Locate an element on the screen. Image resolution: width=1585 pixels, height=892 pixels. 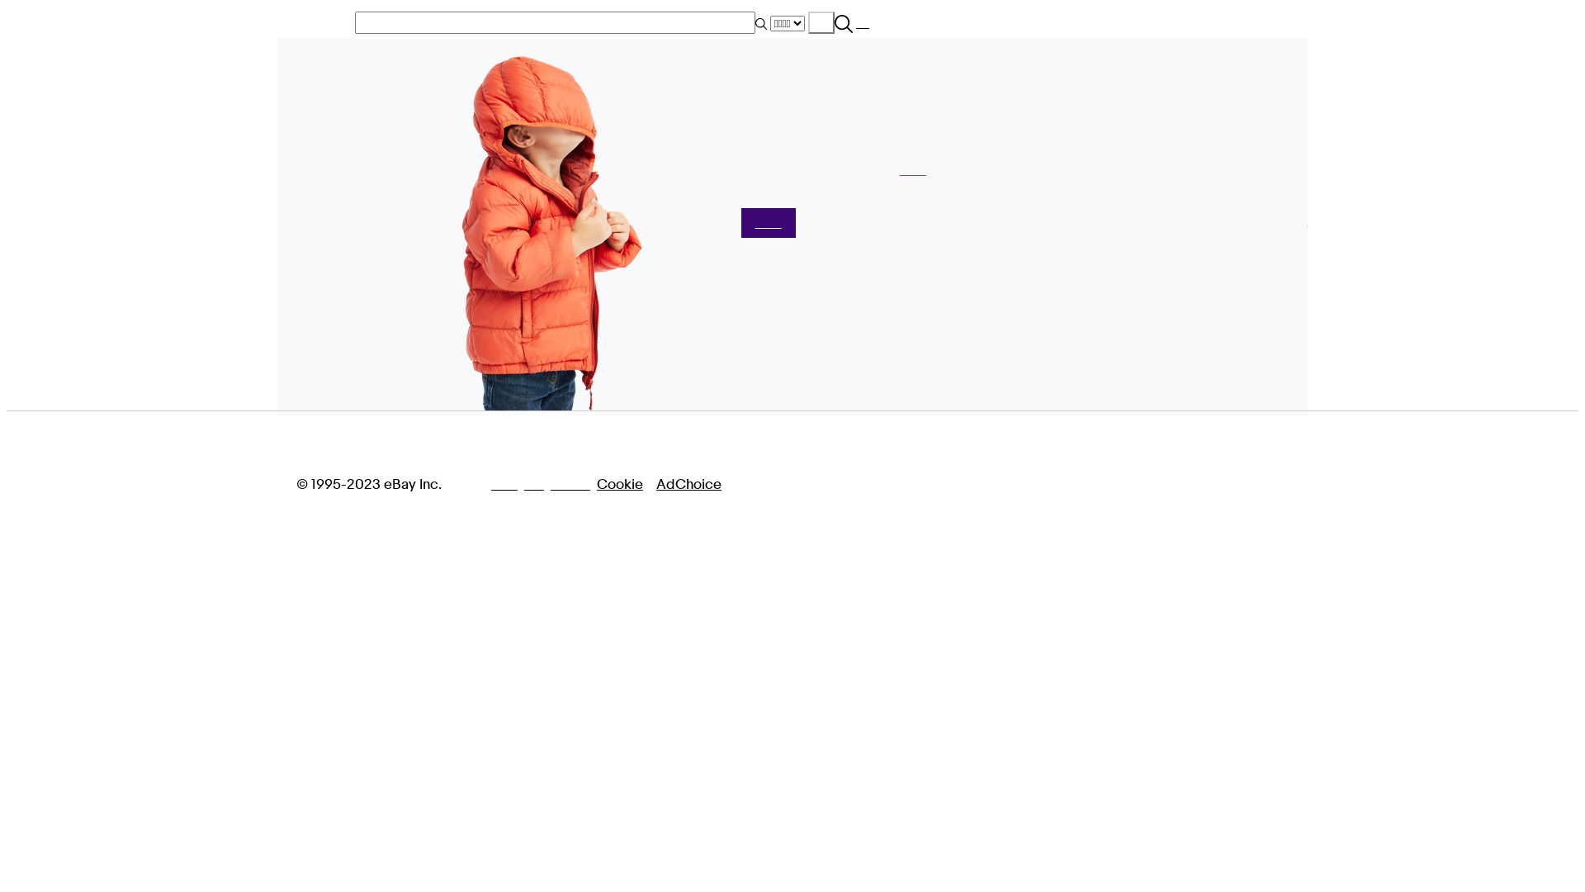
'AdChoice' is located at coordinates (688, 483).